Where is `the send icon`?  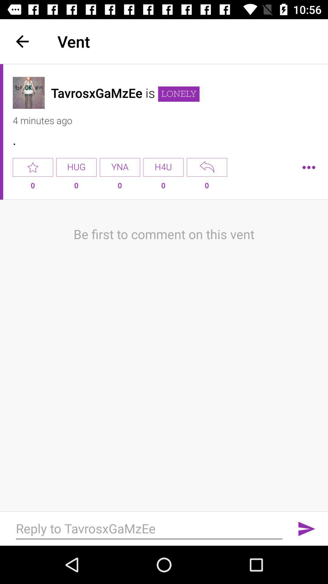 the send icon is located at coordinates (307, 528).